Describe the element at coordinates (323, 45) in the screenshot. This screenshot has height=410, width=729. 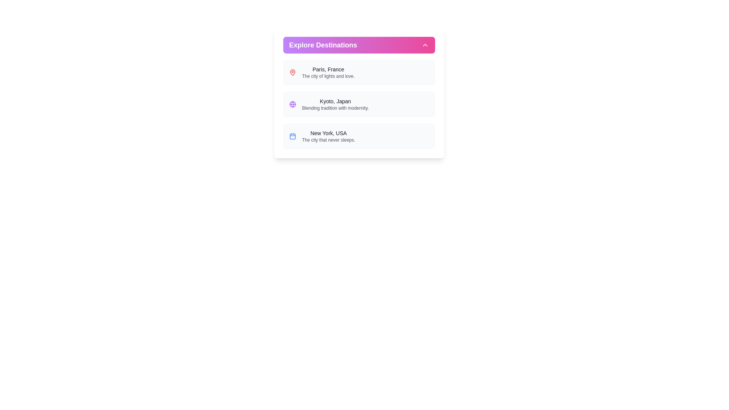
I see `title text located at the center of the horizontal colored section at the top of the card, which indicates the content below pertains to exploring destinations` at that location.